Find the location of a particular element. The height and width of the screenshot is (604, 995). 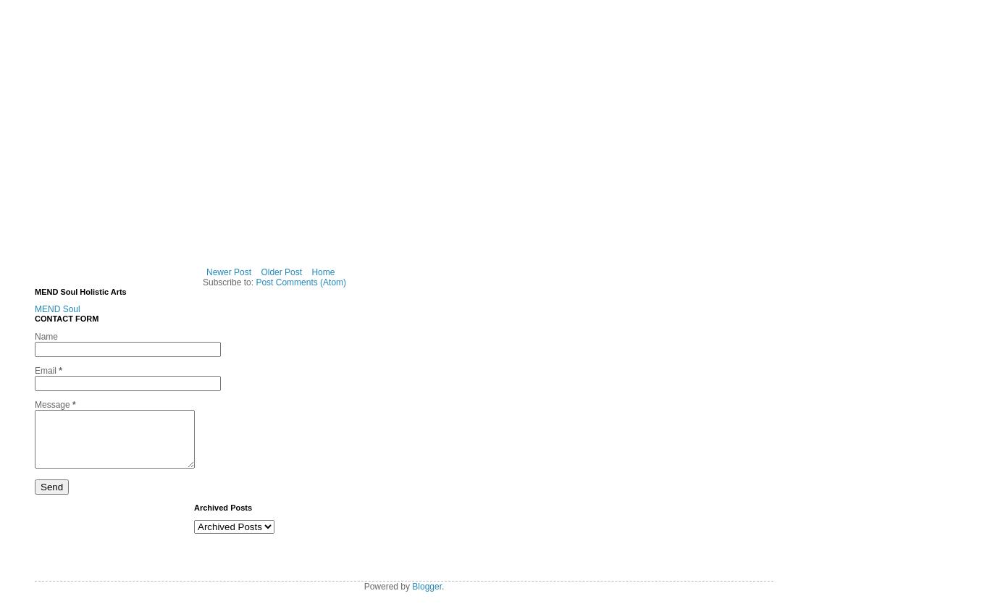

'MEND Soul Holistic Arts' is located at coordinates (80, 290).